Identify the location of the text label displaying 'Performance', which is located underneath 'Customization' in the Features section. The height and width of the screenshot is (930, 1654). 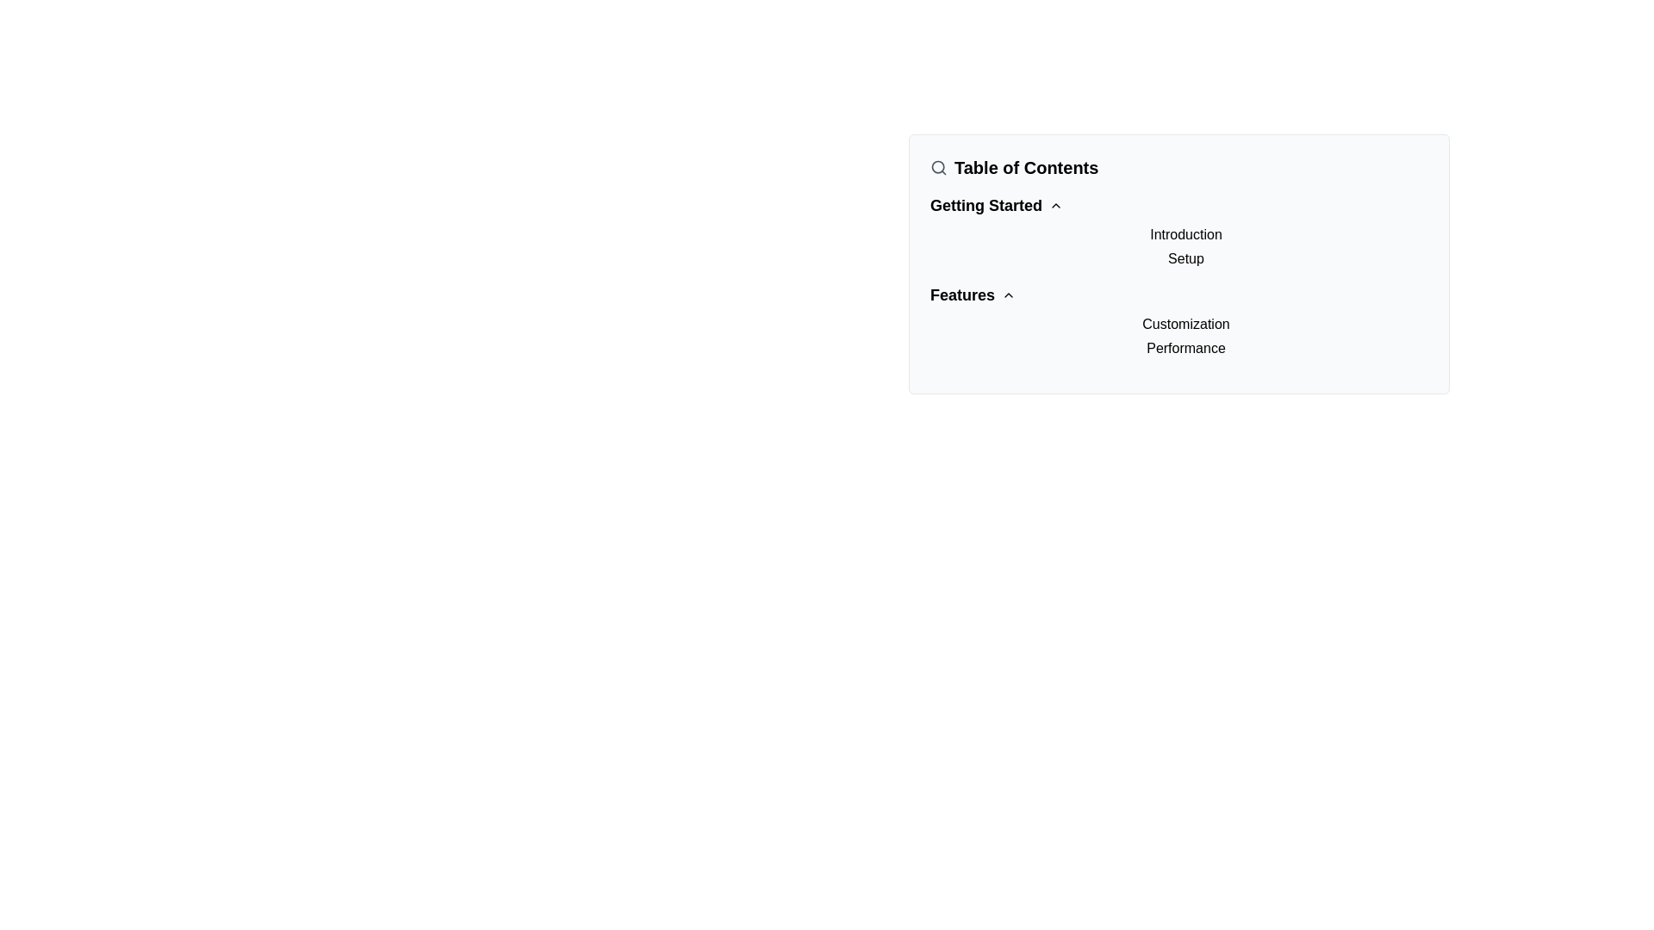
(1185, 349).